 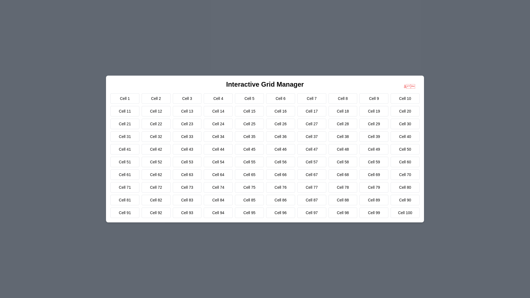 I want to click on close button in the top-right corner of the dialog, so click(x=409, y=86).